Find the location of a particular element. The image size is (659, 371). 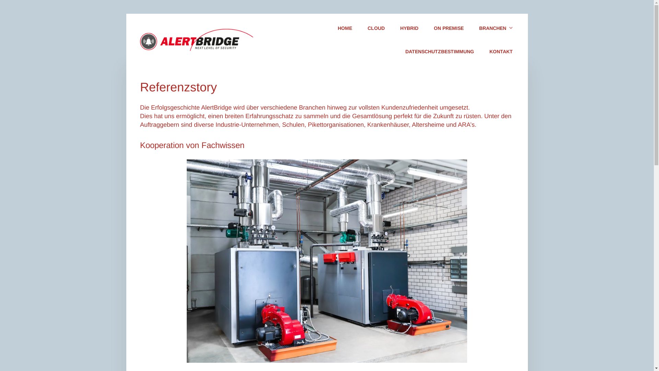

'DATENSCHUTZBESTIMMUNG' is located at coordinates (439, 52).